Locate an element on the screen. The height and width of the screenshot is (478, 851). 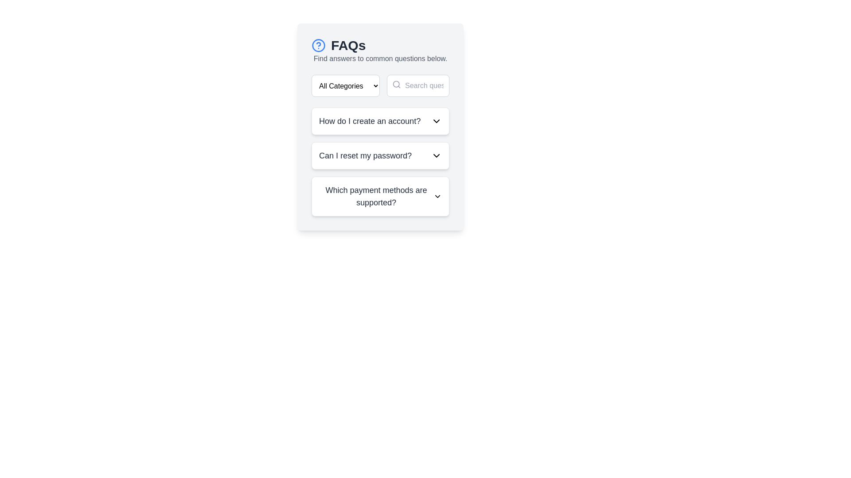
the supportive static text located directly below the 'FAQs' heading in the FAQ section is located at coordinates (380, 58).